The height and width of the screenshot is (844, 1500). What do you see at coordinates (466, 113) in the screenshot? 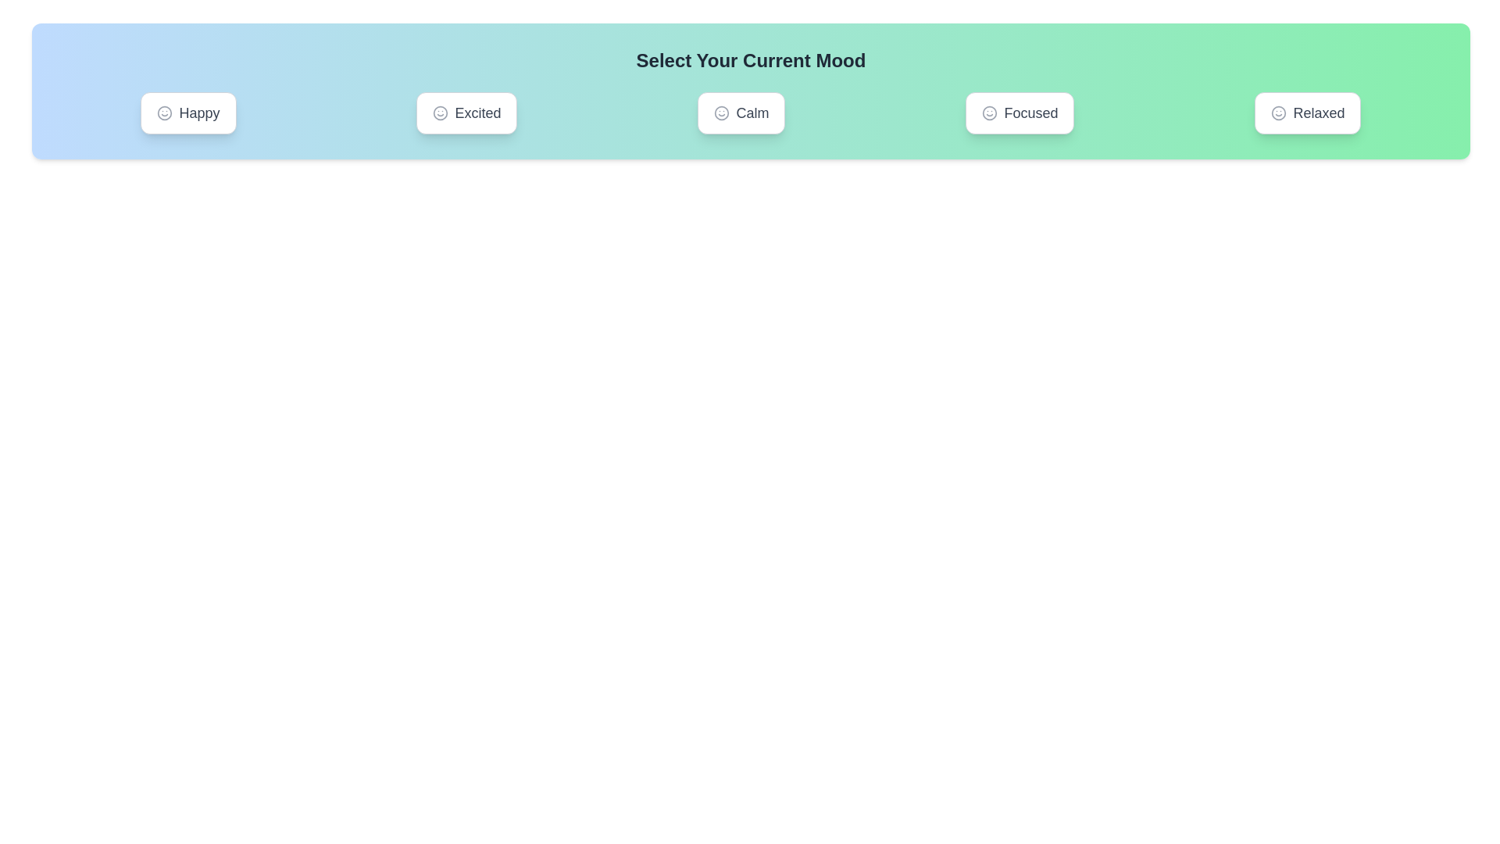
I see `the button labeled Excited to observe its hover effect` at bounding box center [466, 113].